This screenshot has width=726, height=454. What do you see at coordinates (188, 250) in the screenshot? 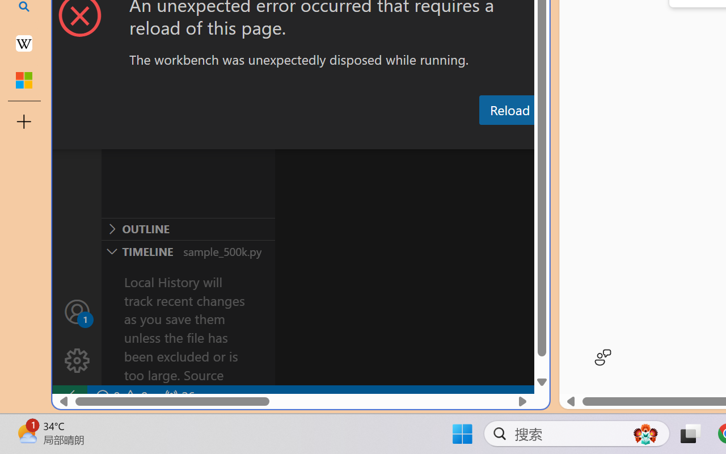
I see `'Timeline Section'` at bounding box center [188, 250].